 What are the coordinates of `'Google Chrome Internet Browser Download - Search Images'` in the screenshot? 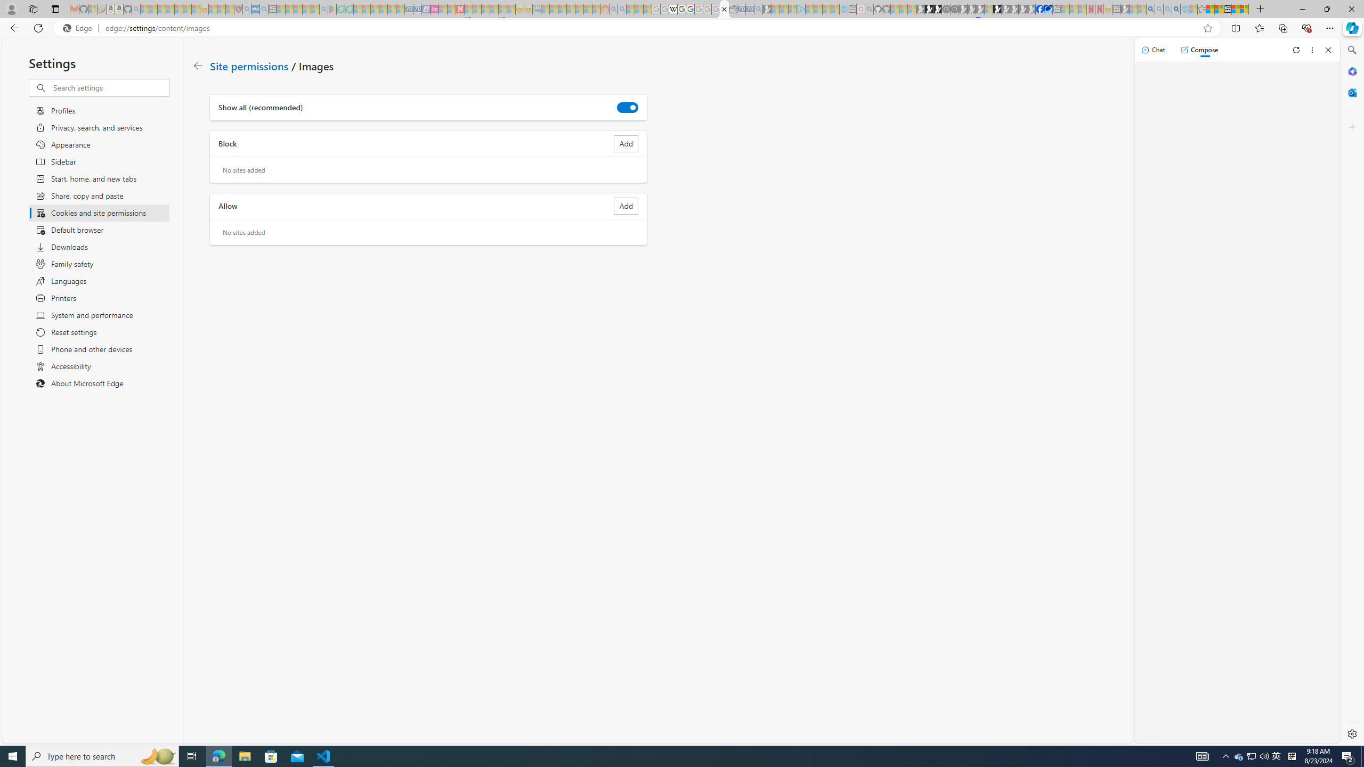 It's located at (1176, 9).